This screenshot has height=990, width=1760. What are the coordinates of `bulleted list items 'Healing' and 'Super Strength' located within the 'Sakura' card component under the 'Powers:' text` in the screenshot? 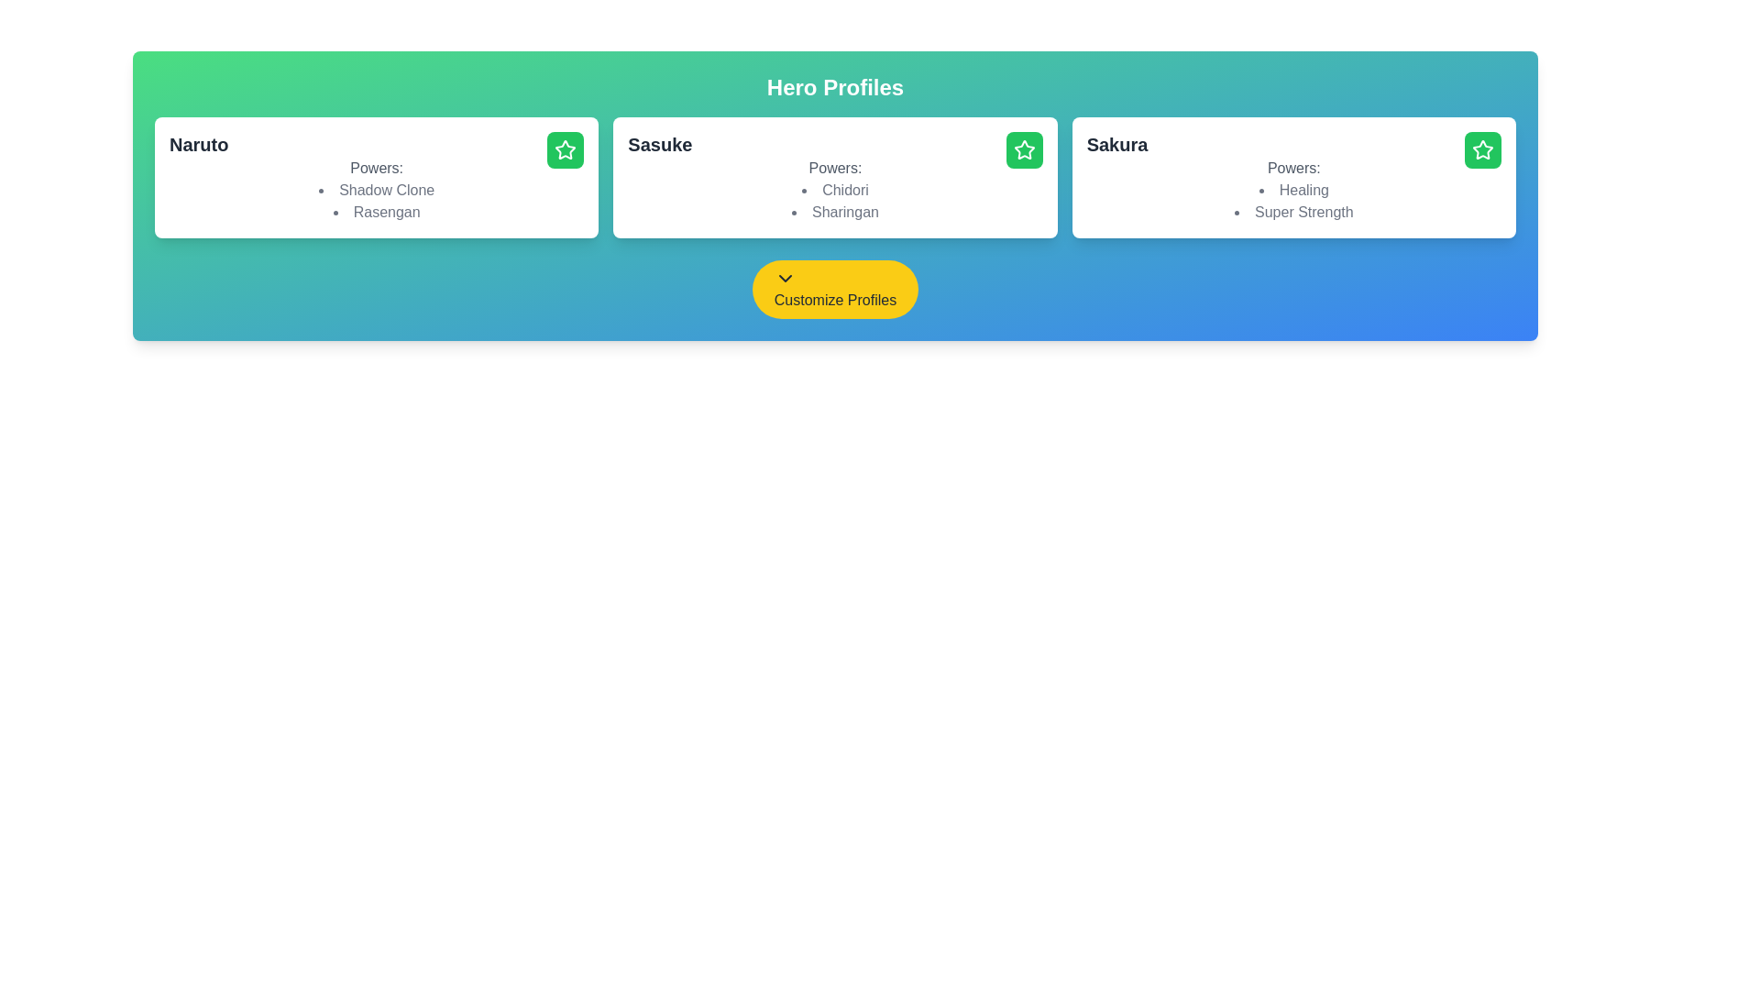 It's located at (1292, 201).